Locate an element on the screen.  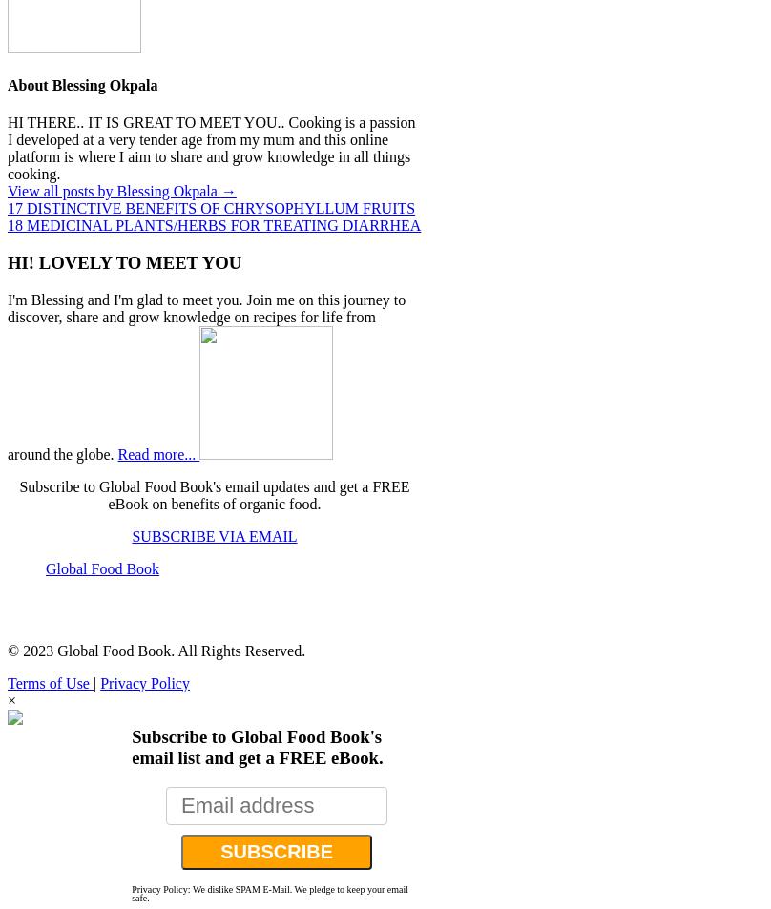
'Blessing Okpala' is located at coordinates (103, 83).